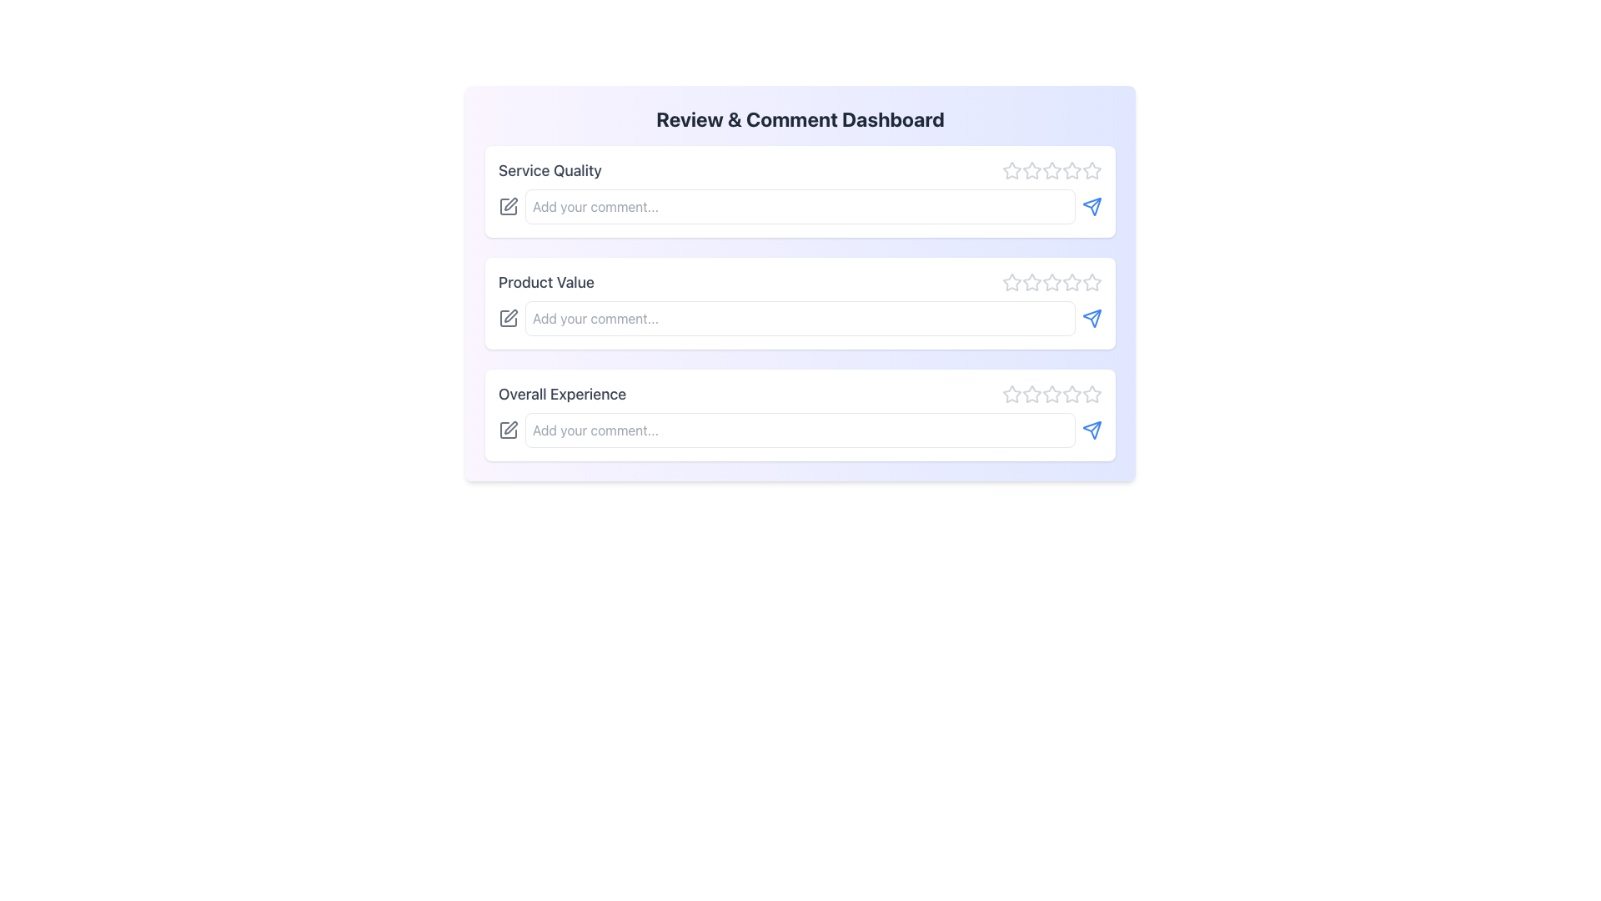 This screenshot has height=901, width=1601. Describe the element at coordinates (1092, 318) in the screenshot. I see `the send button icon located at the right edge of the 'Product Value' comment section` at that location.